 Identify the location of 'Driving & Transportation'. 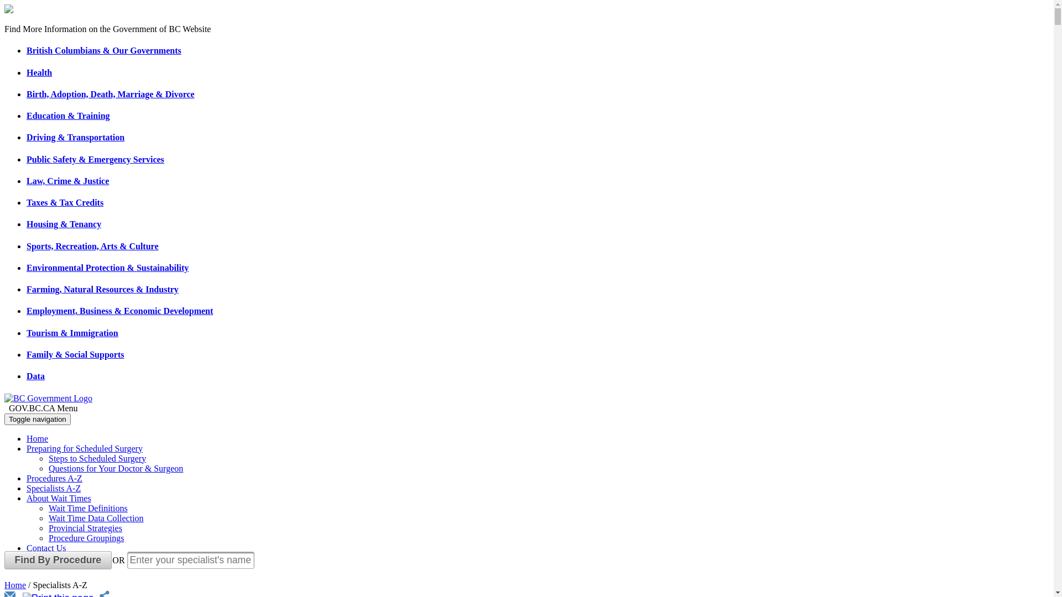
(75, 137).